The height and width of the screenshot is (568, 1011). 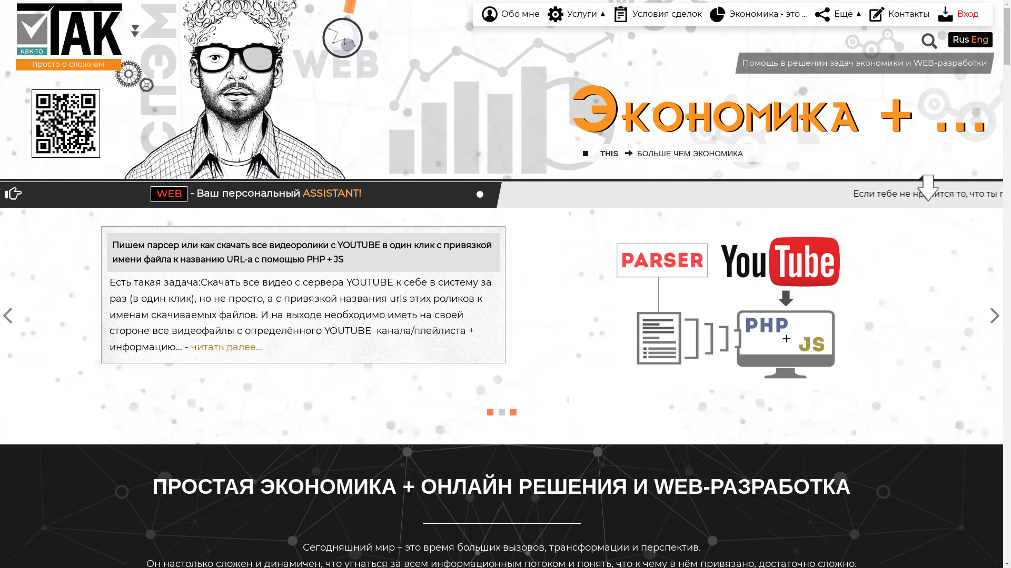 What do you see at coordinates (979, 39) in the screenshot?
I see `'Eng'` at bounding box center [979, 39].